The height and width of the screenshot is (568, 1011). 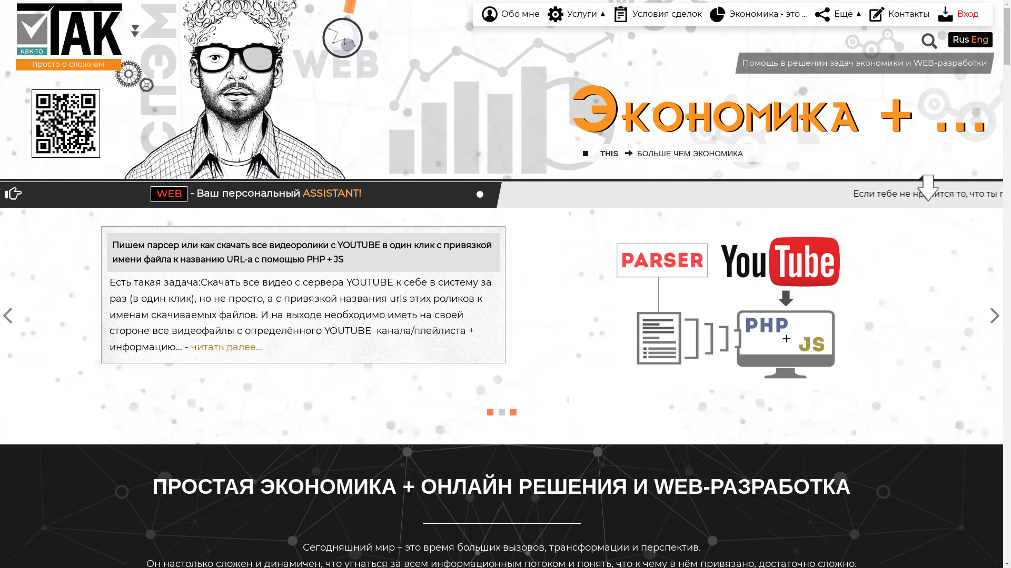 What do you see at coordinates (979, 39) in the screenshot?
I see `'Eng'` at bounding box center [979, 39].